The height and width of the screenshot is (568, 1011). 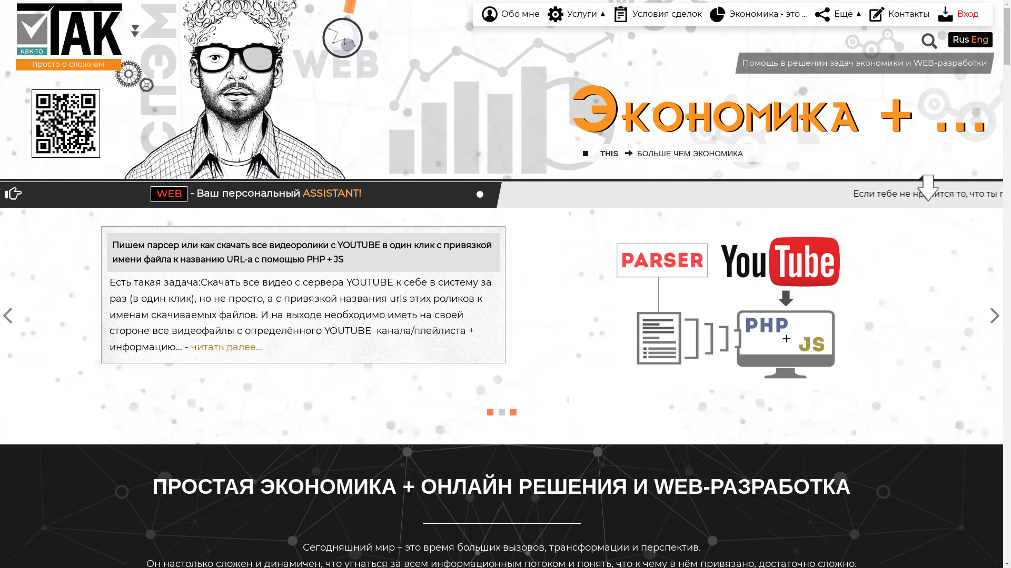 What do you see at coordinates (979, 39) in the screenshot?
I see `'Eng'` at bounding box center [979, 39].